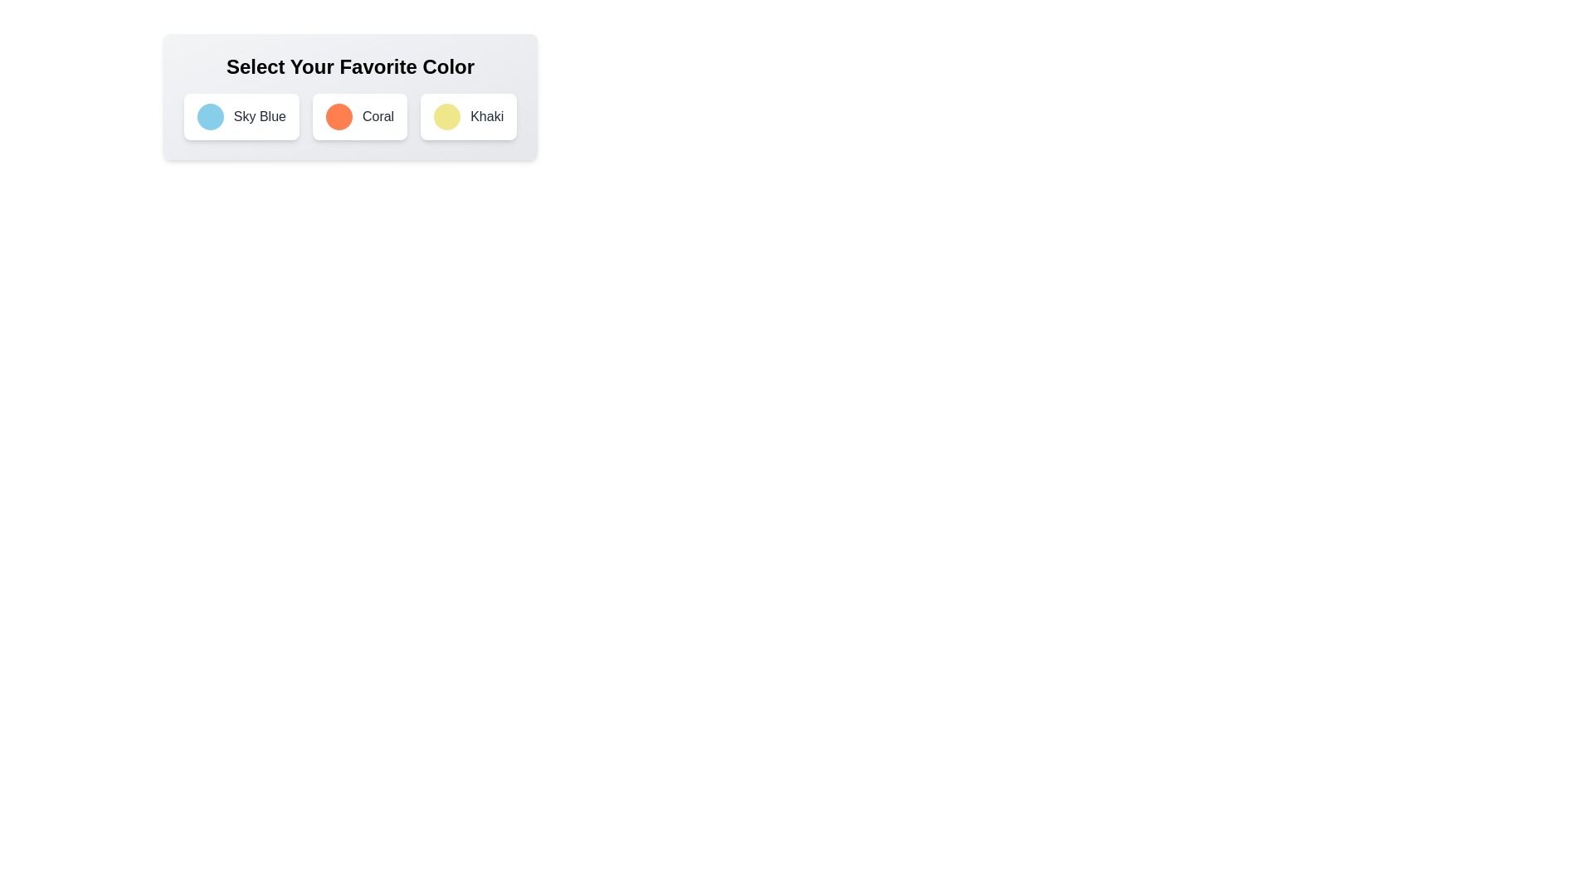 This screenshot has height=896, width=1593. What do you see at coordinates (447, 116) in the screenshot?
I see `the color swatch Khaki by clicking on it` at bounding box center [447, 116].